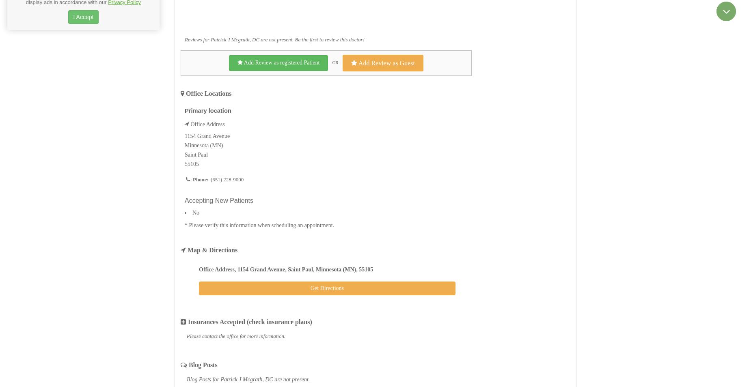 This screenshot has height=387, width=751. Describe the element at coordinates (184, 135) in the screenshot. I see `'1154 Grand Avenue'` at that location.